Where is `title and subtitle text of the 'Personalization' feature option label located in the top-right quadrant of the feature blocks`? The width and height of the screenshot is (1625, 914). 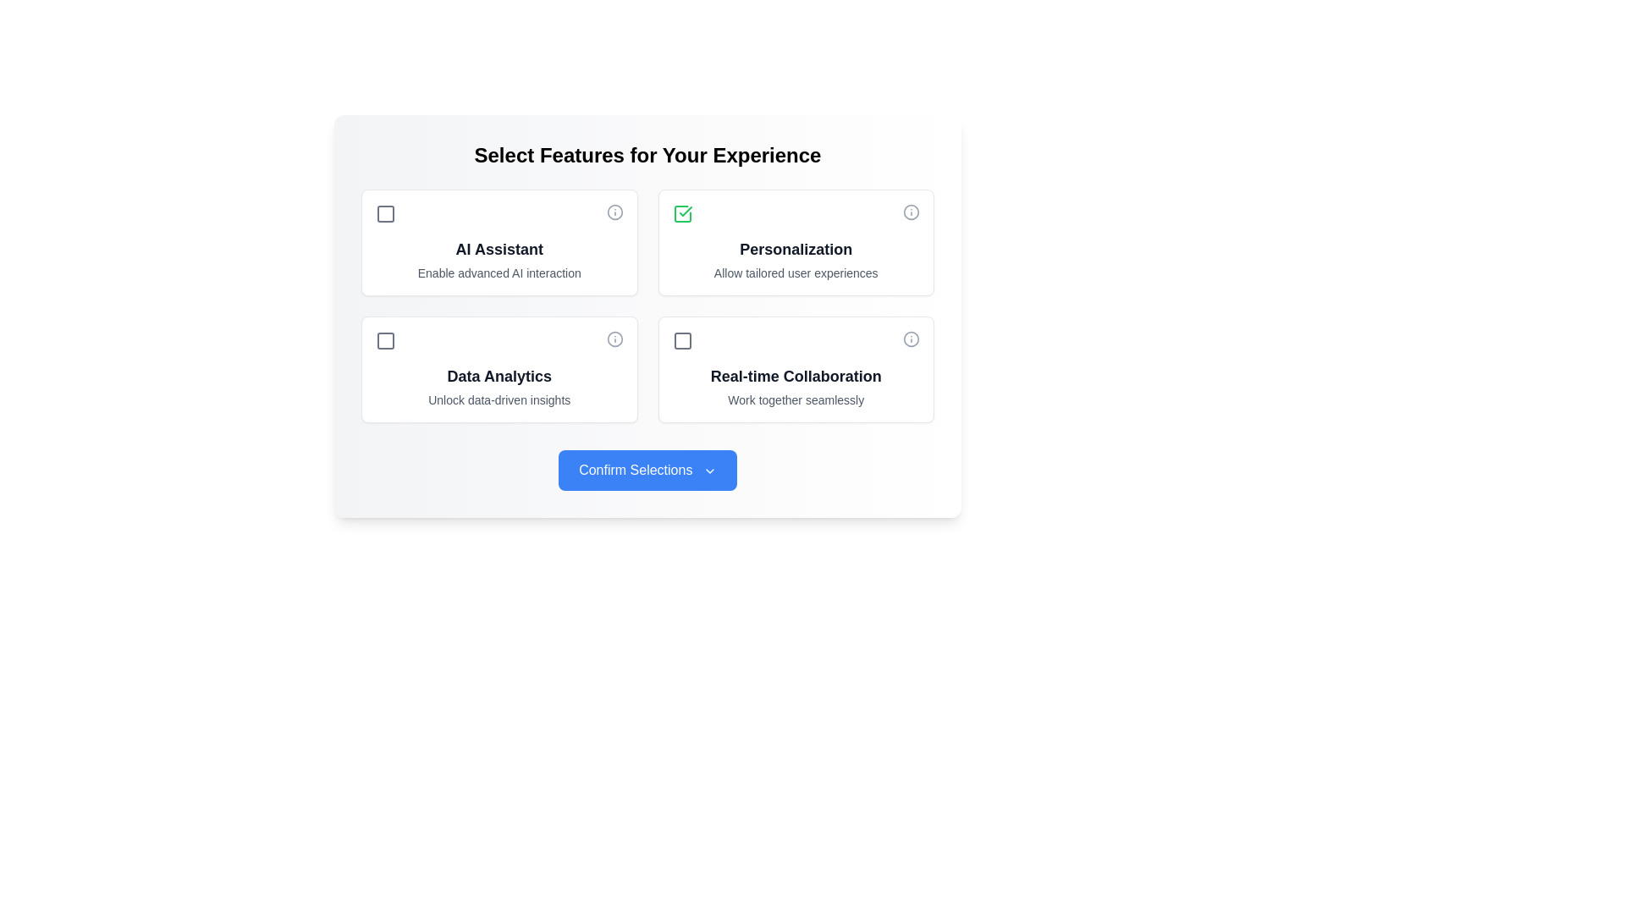
title and subtitle text of the 'Personalization' feature option label located in the top-right quadrant of the feature blocks is located at coordinates (795, 260).